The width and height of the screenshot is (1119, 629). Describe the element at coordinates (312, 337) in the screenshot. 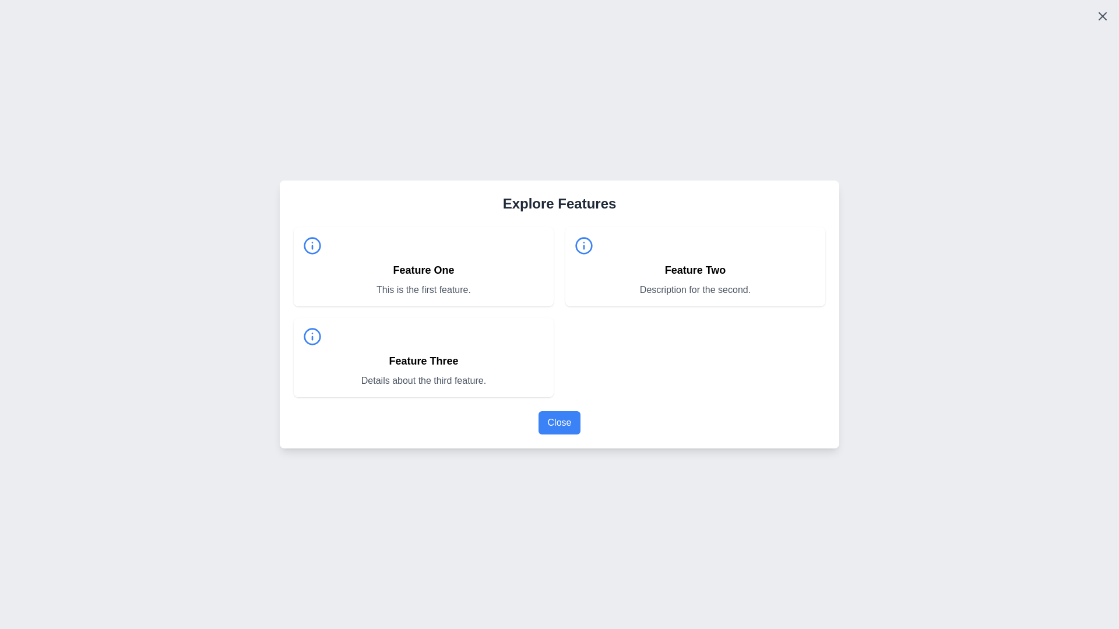

I see `the primary circular component of the icon located in the bottom-left card of the grid layout, below the 'Feature One' and 'Feature Two' cards` at that location.